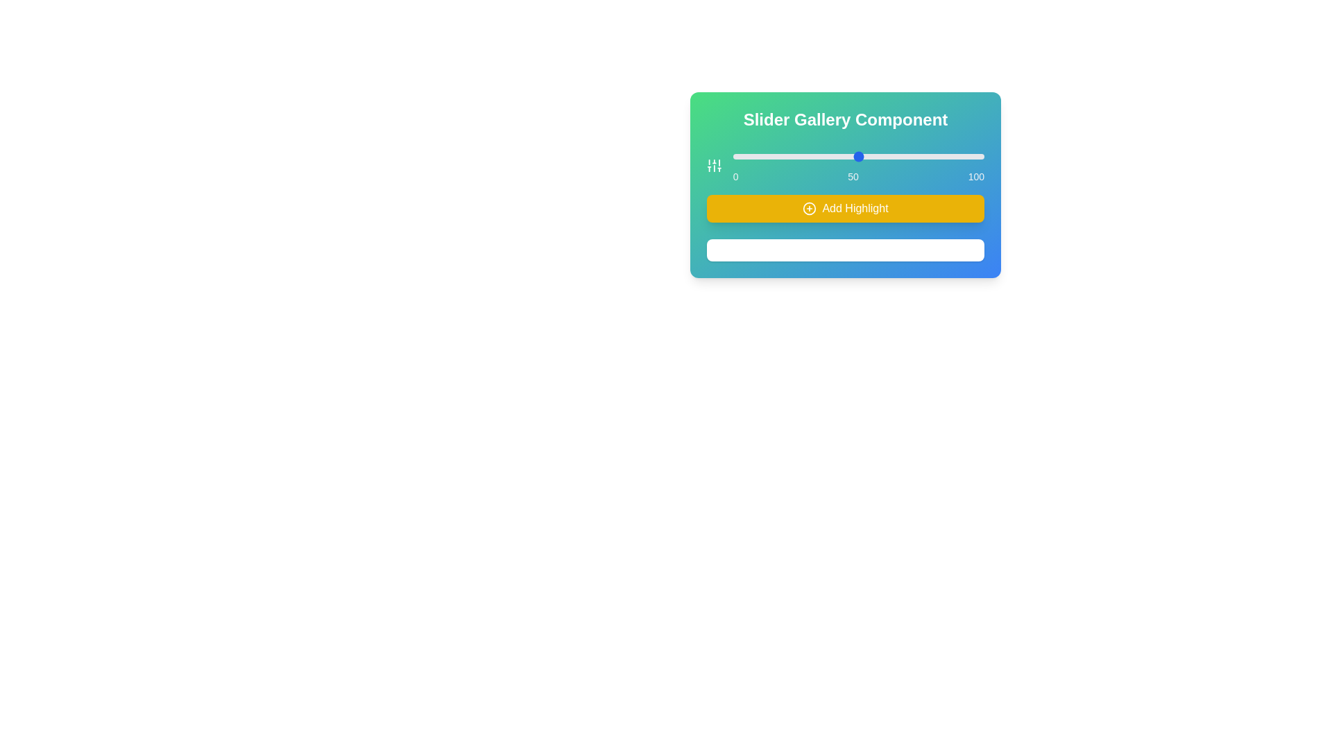 The width and height of the screenshot is (1332, 749). I want to click on the numeric labels '0', '50', and '100' of the Label group for the range slider, which are displayed below the slider and aligned with its range, so click(857, 175).